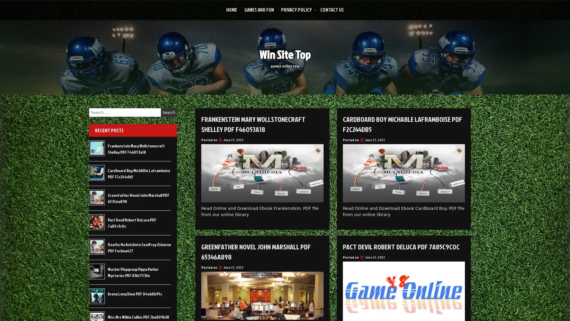  I want to click on Search, so click(169, 112).